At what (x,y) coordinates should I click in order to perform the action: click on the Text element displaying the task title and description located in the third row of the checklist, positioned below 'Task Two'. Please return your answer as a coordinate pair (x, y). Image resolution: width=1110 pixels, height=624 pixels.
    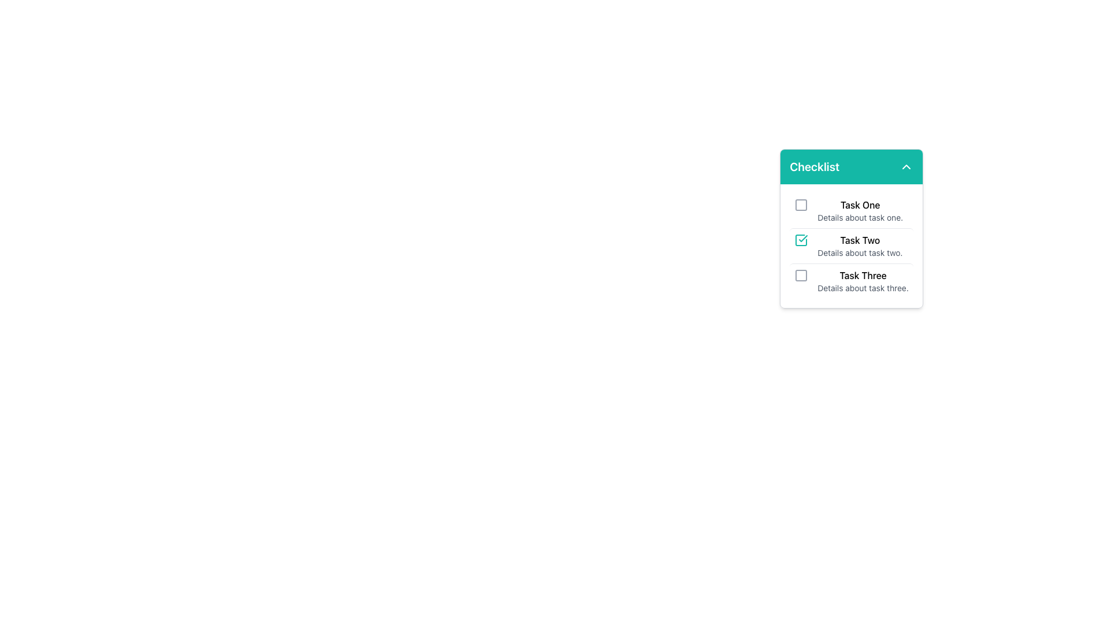
    Looking at the image, I should click on (863, 281).